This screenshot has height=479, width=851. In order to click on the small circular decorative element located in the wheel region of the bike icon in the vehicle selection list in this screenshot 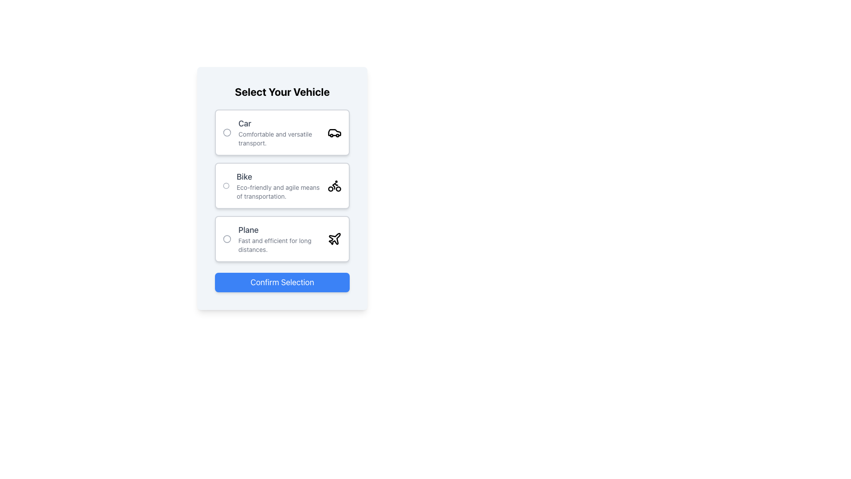, I will do `click(338, 188)`.